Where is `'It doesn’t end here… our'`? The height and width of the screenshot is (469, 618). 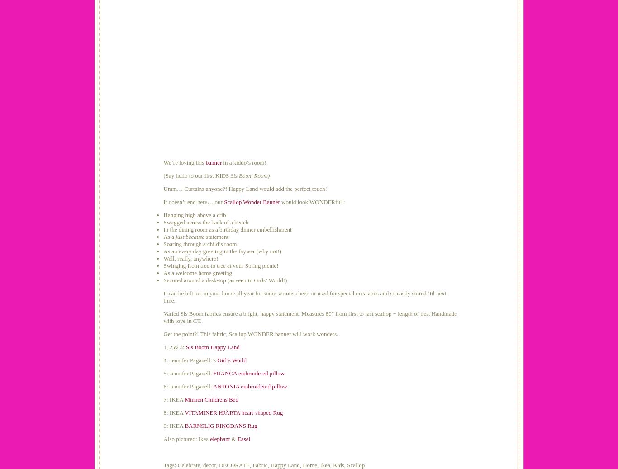
'It doesn’t end here… our' is located at coordinates (193, 201).